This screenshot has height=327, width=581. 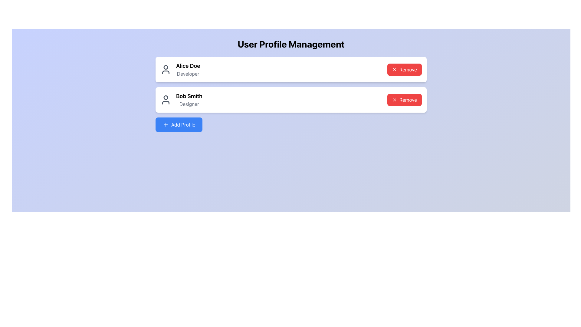 I want to click on the static text label displaying 'Alice Doe' in bold typography, which is located at the topmost user profile card above the text 'Developer', so click(x=188, y=66).